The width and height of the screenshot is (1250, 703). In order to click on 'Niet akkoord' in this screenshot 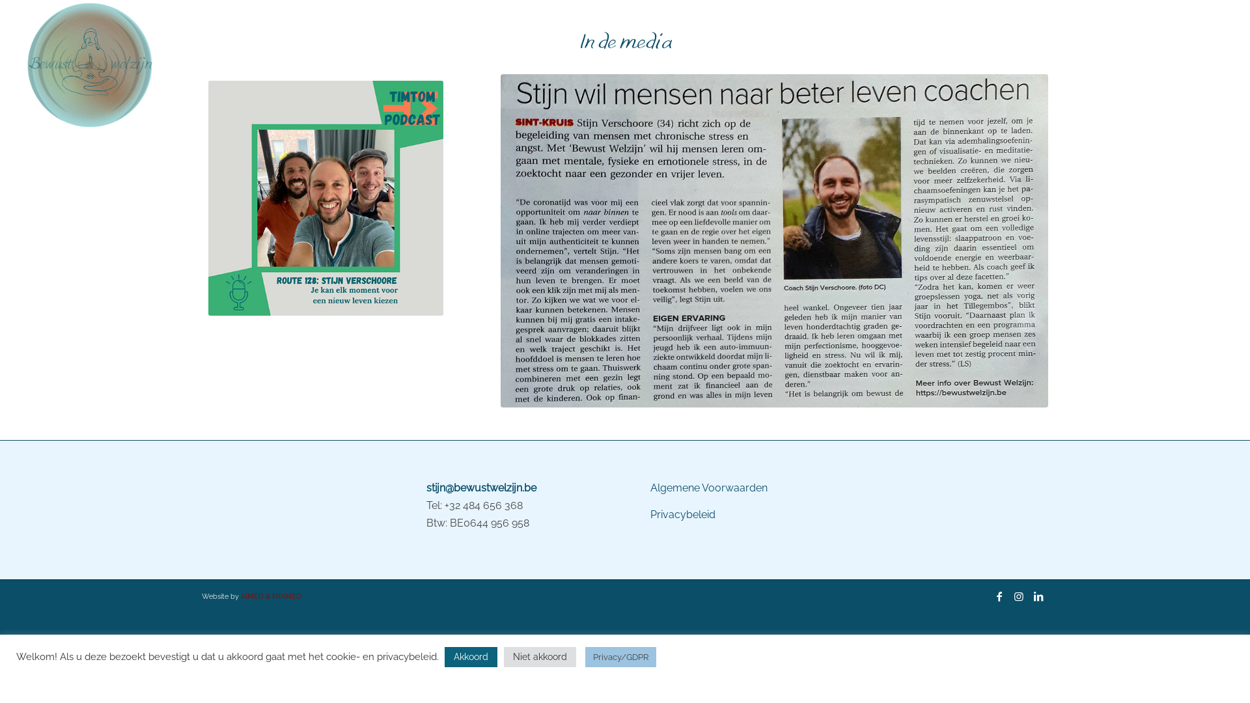, I will do `click(540, 657)`.